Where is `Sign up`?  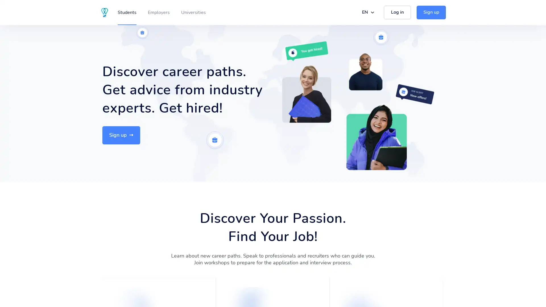 Sign up is located at coordinates (121, 135).